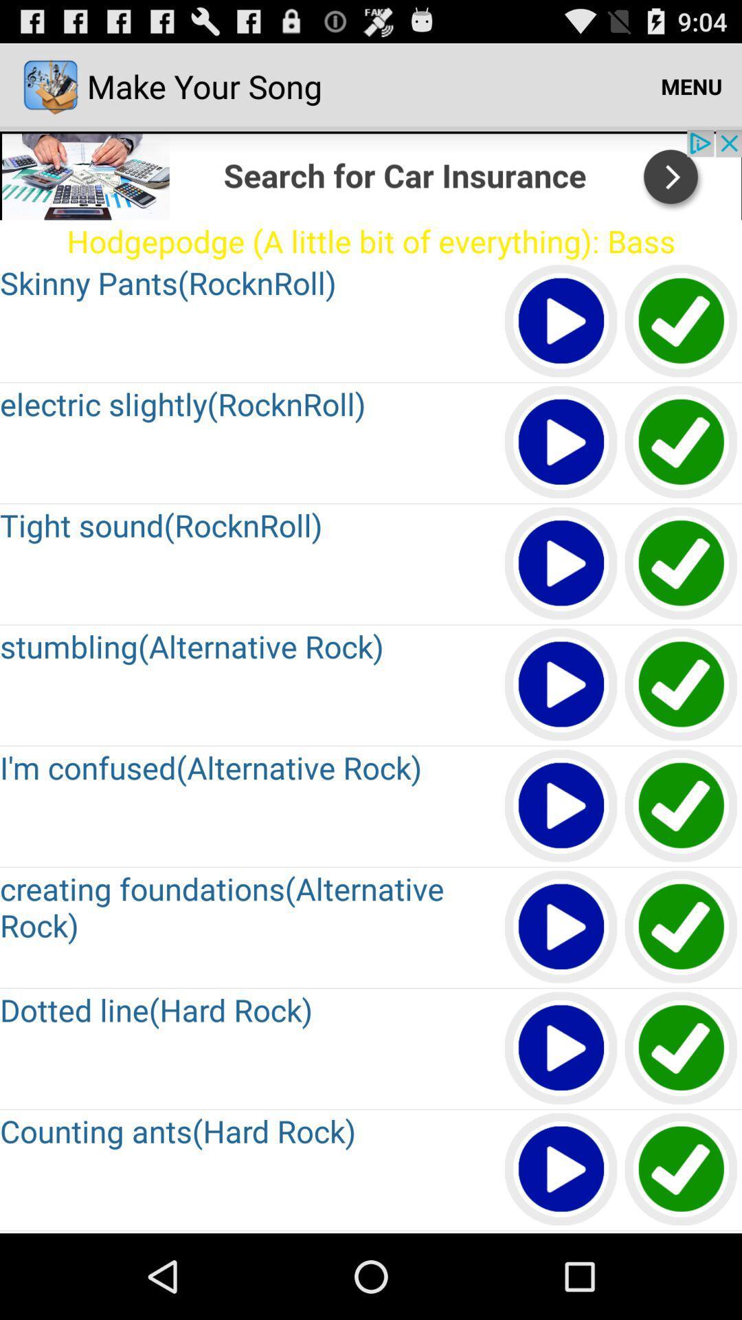 This screenshot has height=1320, width=742. I want to click on like song, so click(682, 685).